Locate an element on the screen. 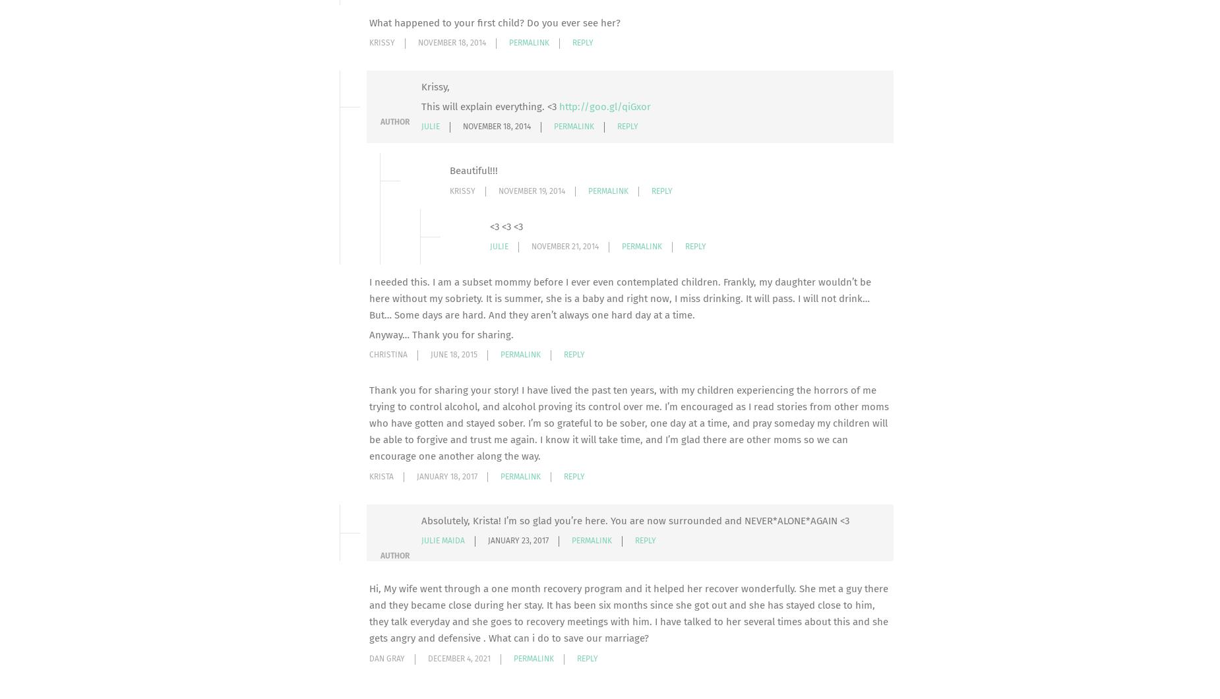  'Krissy,' is located at coordinates (435, 86).